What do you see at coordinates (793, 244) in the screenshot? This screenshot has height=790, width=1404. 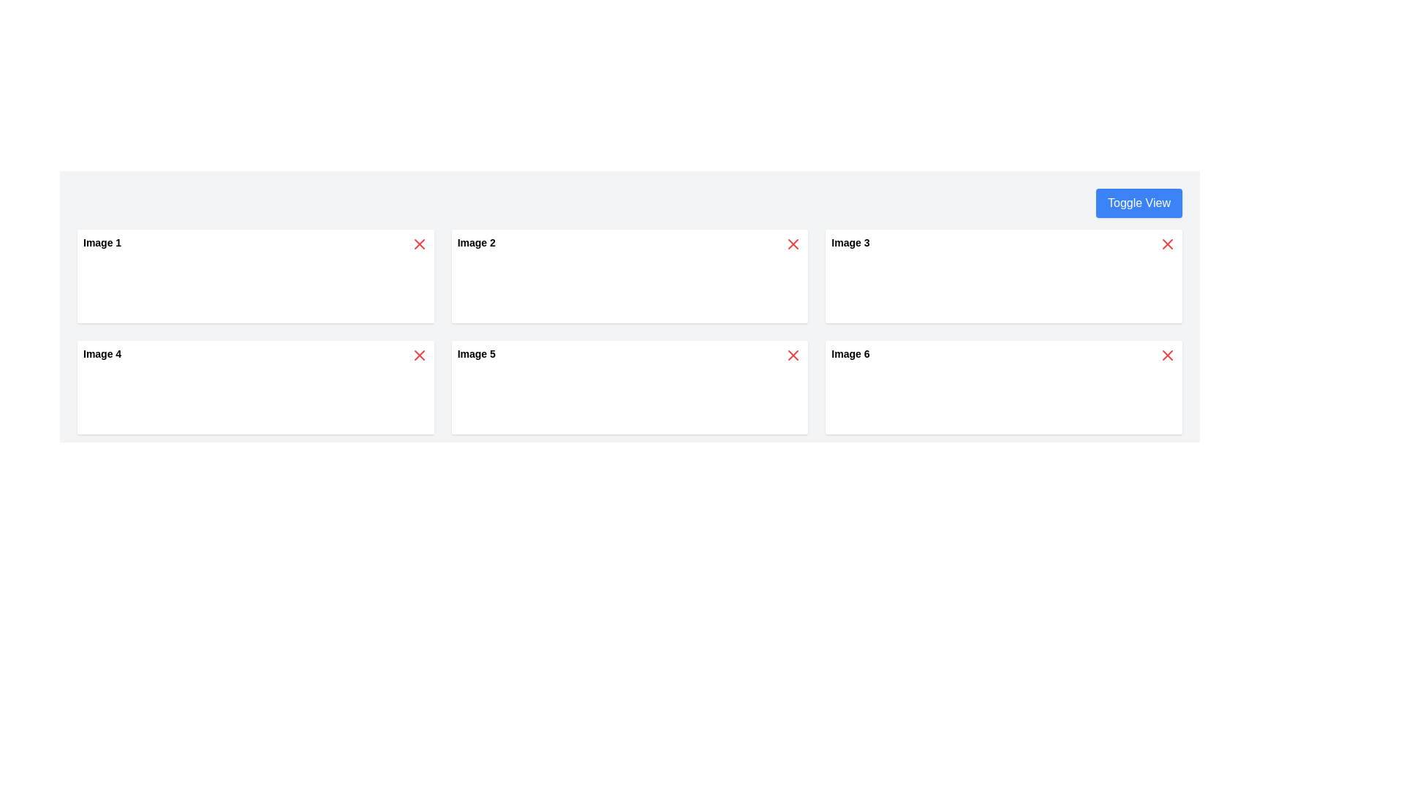 I see `the 'X' shaped red icon located in the top right corner of the second box in the first row of the grid layout` at bounding box center [793, 244].